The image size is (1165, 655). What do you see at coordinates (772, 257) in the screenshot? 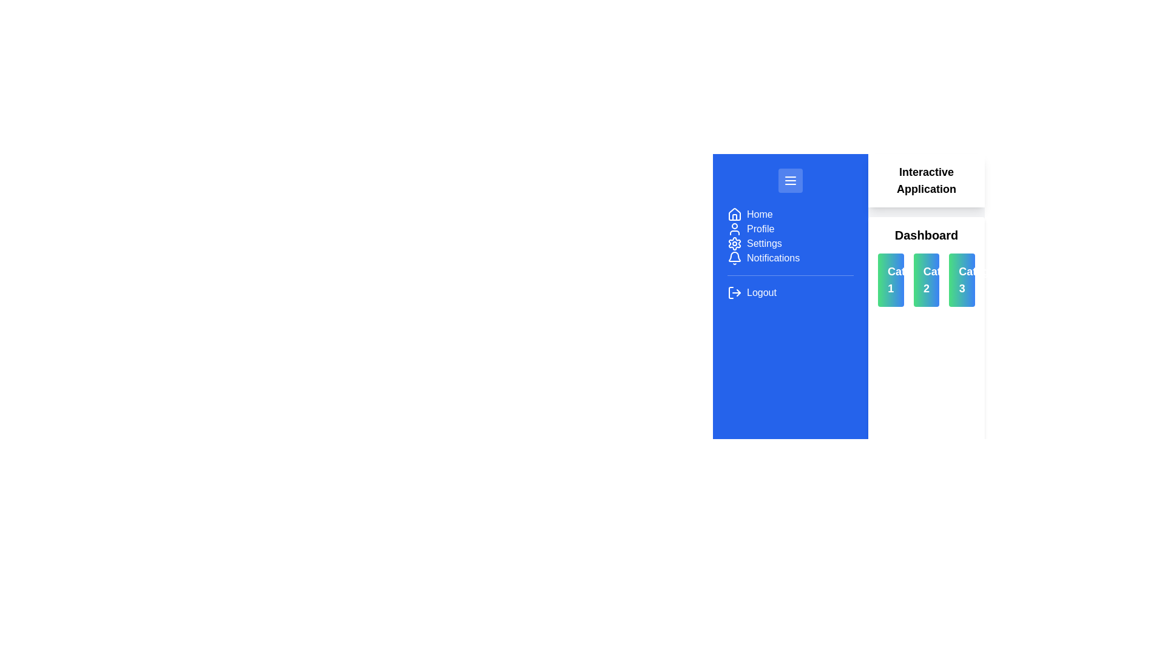
I see `the 'Notifications' text label within the navigation menu` at bounding box center [772, 257].